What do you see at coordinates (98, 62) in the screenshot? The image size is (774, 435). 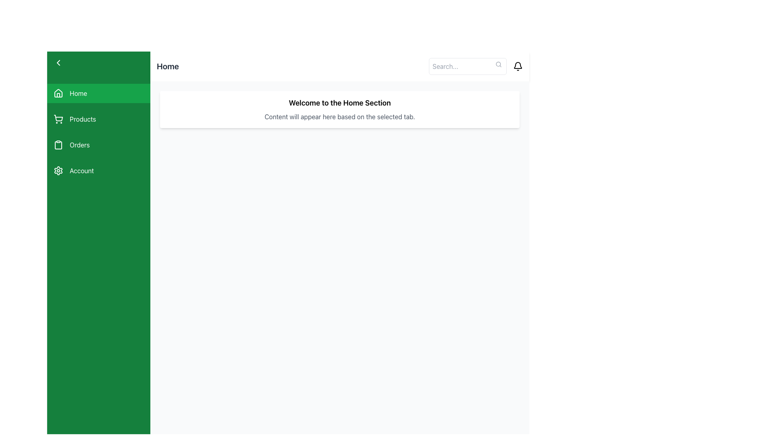 I see `the green button with a left-pointing arrow located at the top of the sidebar navigation bar` at bounding box center [98, 62].